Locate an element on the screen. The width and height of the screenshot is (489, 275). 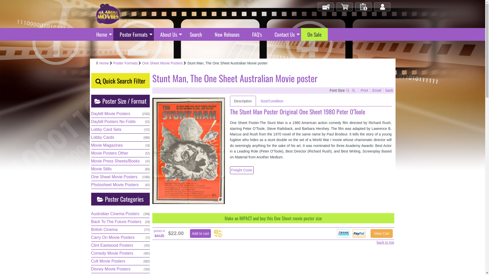
'Add to cart' is located at coordinates (200, 233).